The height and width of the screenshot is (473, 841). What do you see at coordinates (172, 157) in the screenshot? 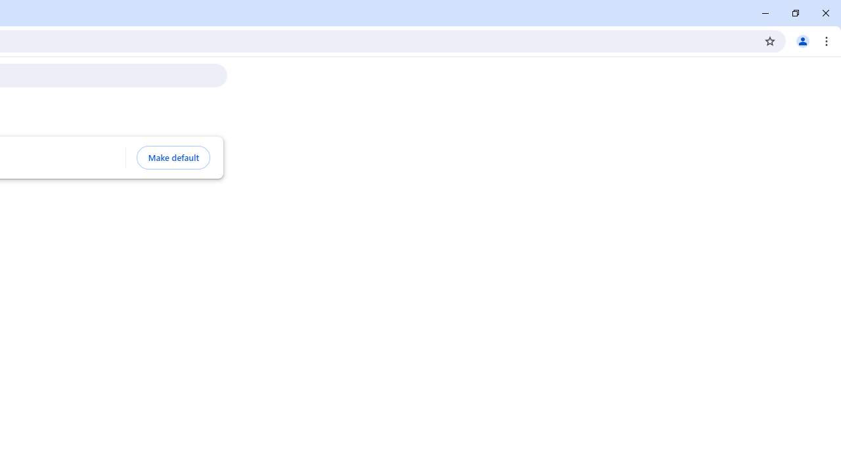
I see `'Make default'` at bounding box center [172, 157].